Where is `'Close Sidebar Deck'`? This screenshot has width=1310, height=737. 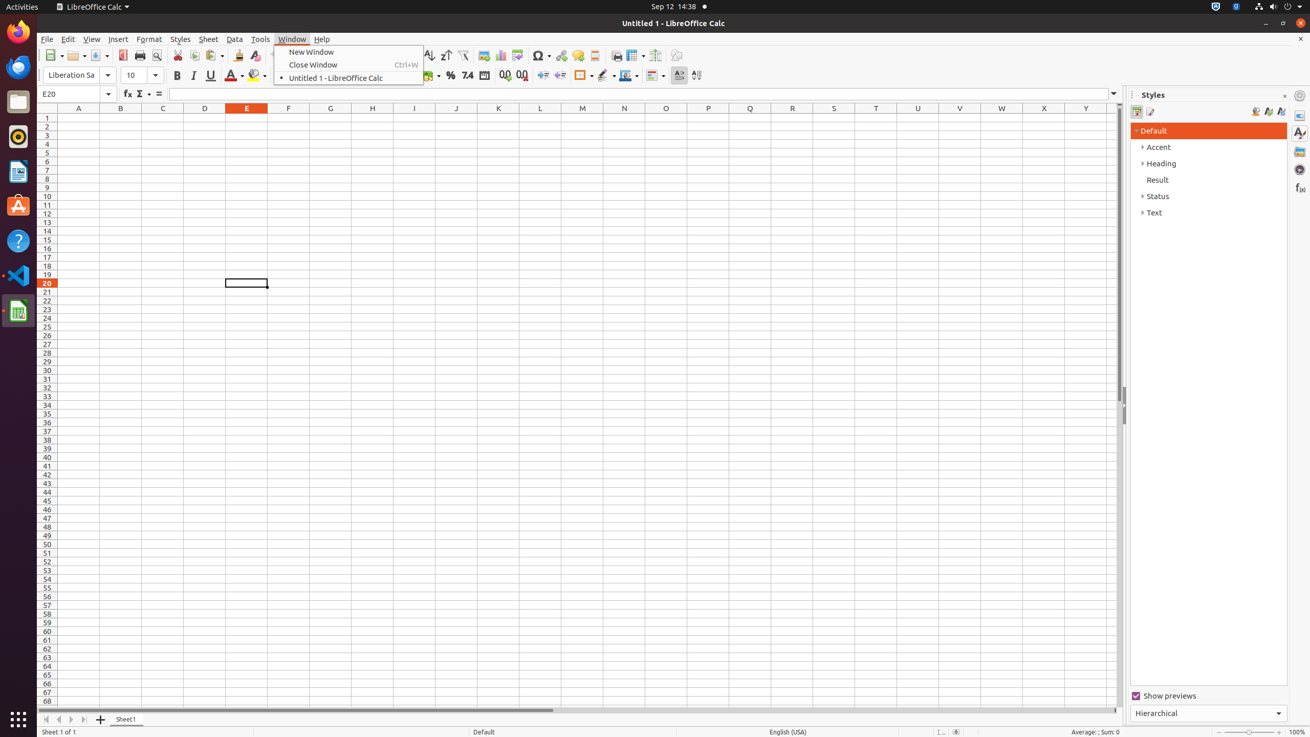 'Close Sidebar Deck' is located at coordinates (1284, 96).